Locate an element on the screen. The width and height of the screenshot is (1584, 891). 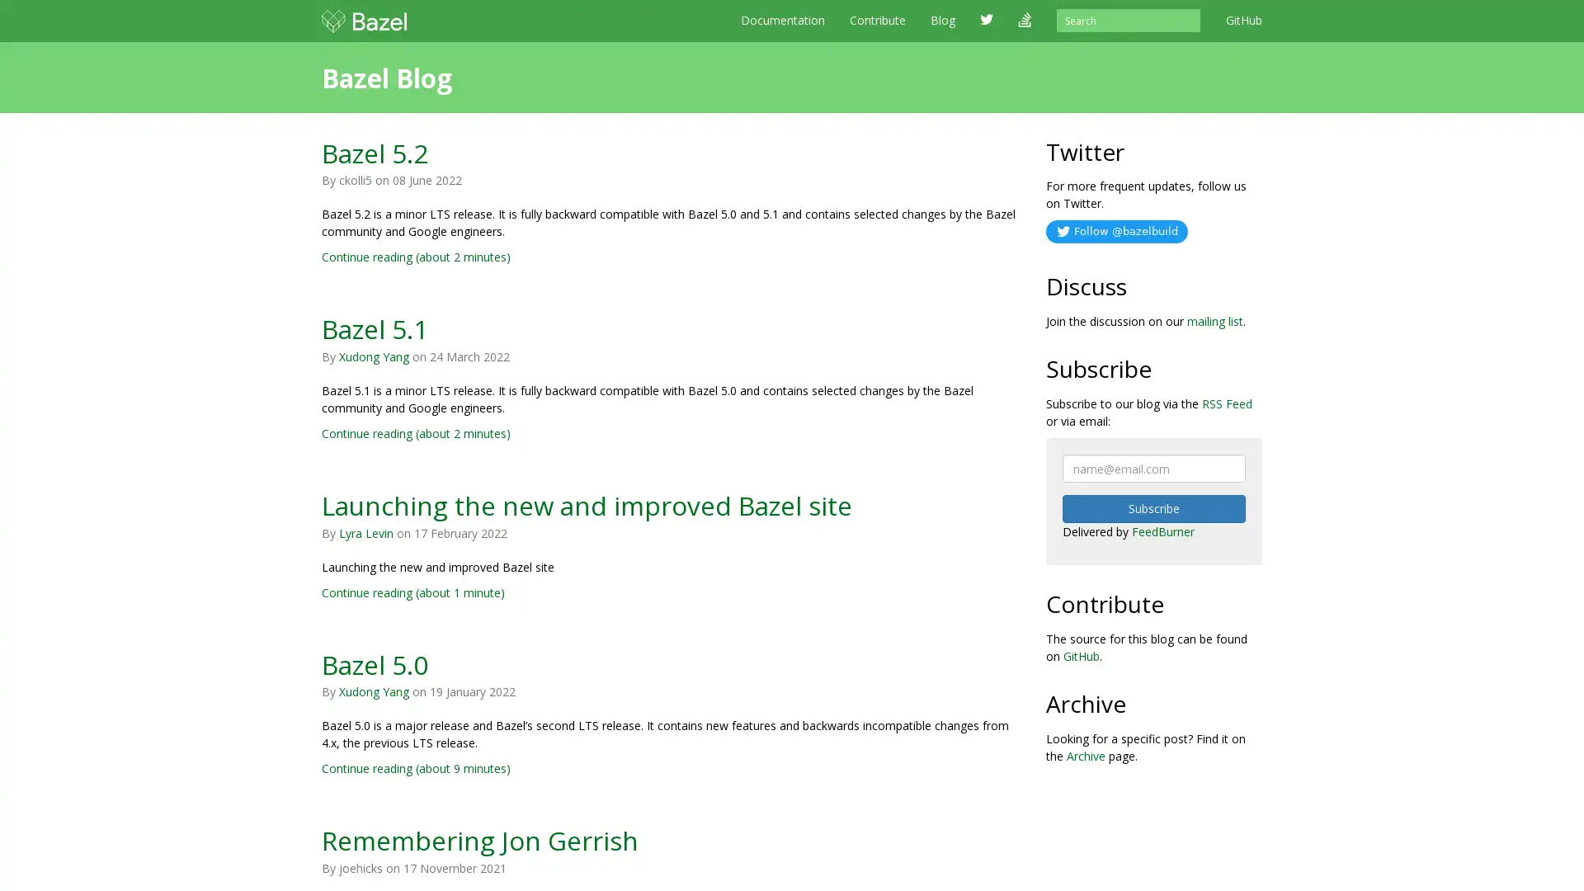
Subscribe is located at coordinates (1153, 508).